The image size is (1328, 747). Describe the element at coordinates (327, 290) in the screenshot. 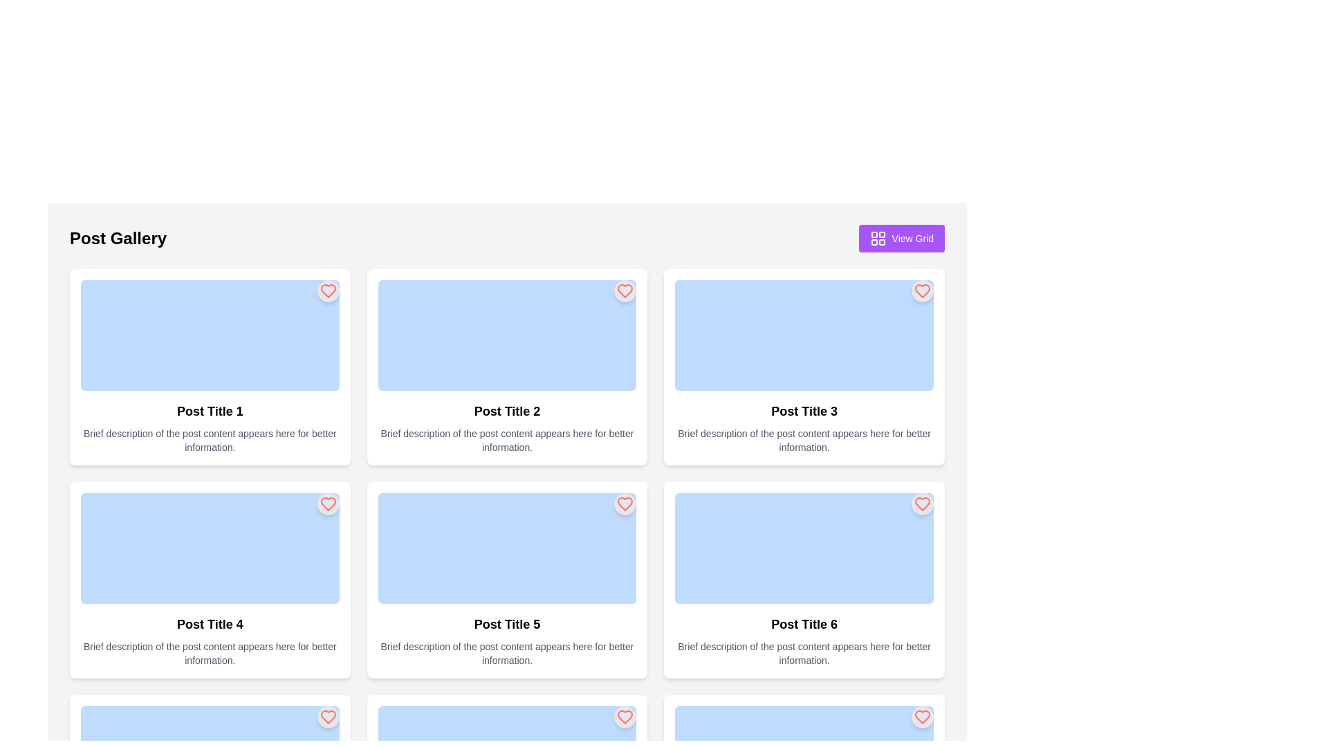

I see `the like button located` at that location.